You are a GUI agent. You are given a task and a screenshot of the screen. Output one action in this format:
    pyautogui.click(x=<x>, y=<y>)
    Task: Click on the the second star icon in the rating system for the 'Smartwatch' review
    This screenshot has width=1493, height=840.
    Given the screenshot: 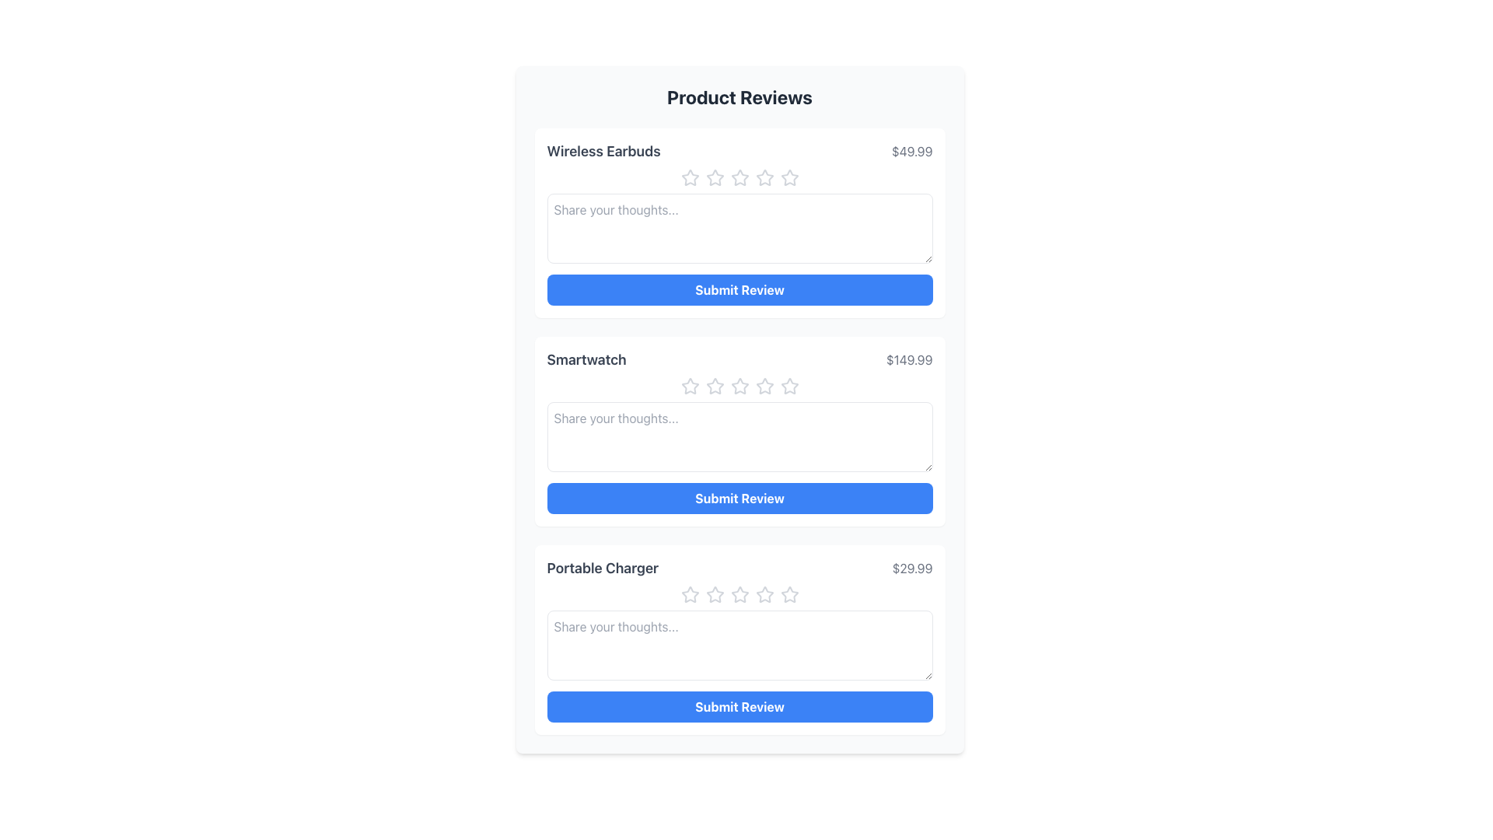 What is the action you would take?
    pyautogui.click(x=739, y=385)
    